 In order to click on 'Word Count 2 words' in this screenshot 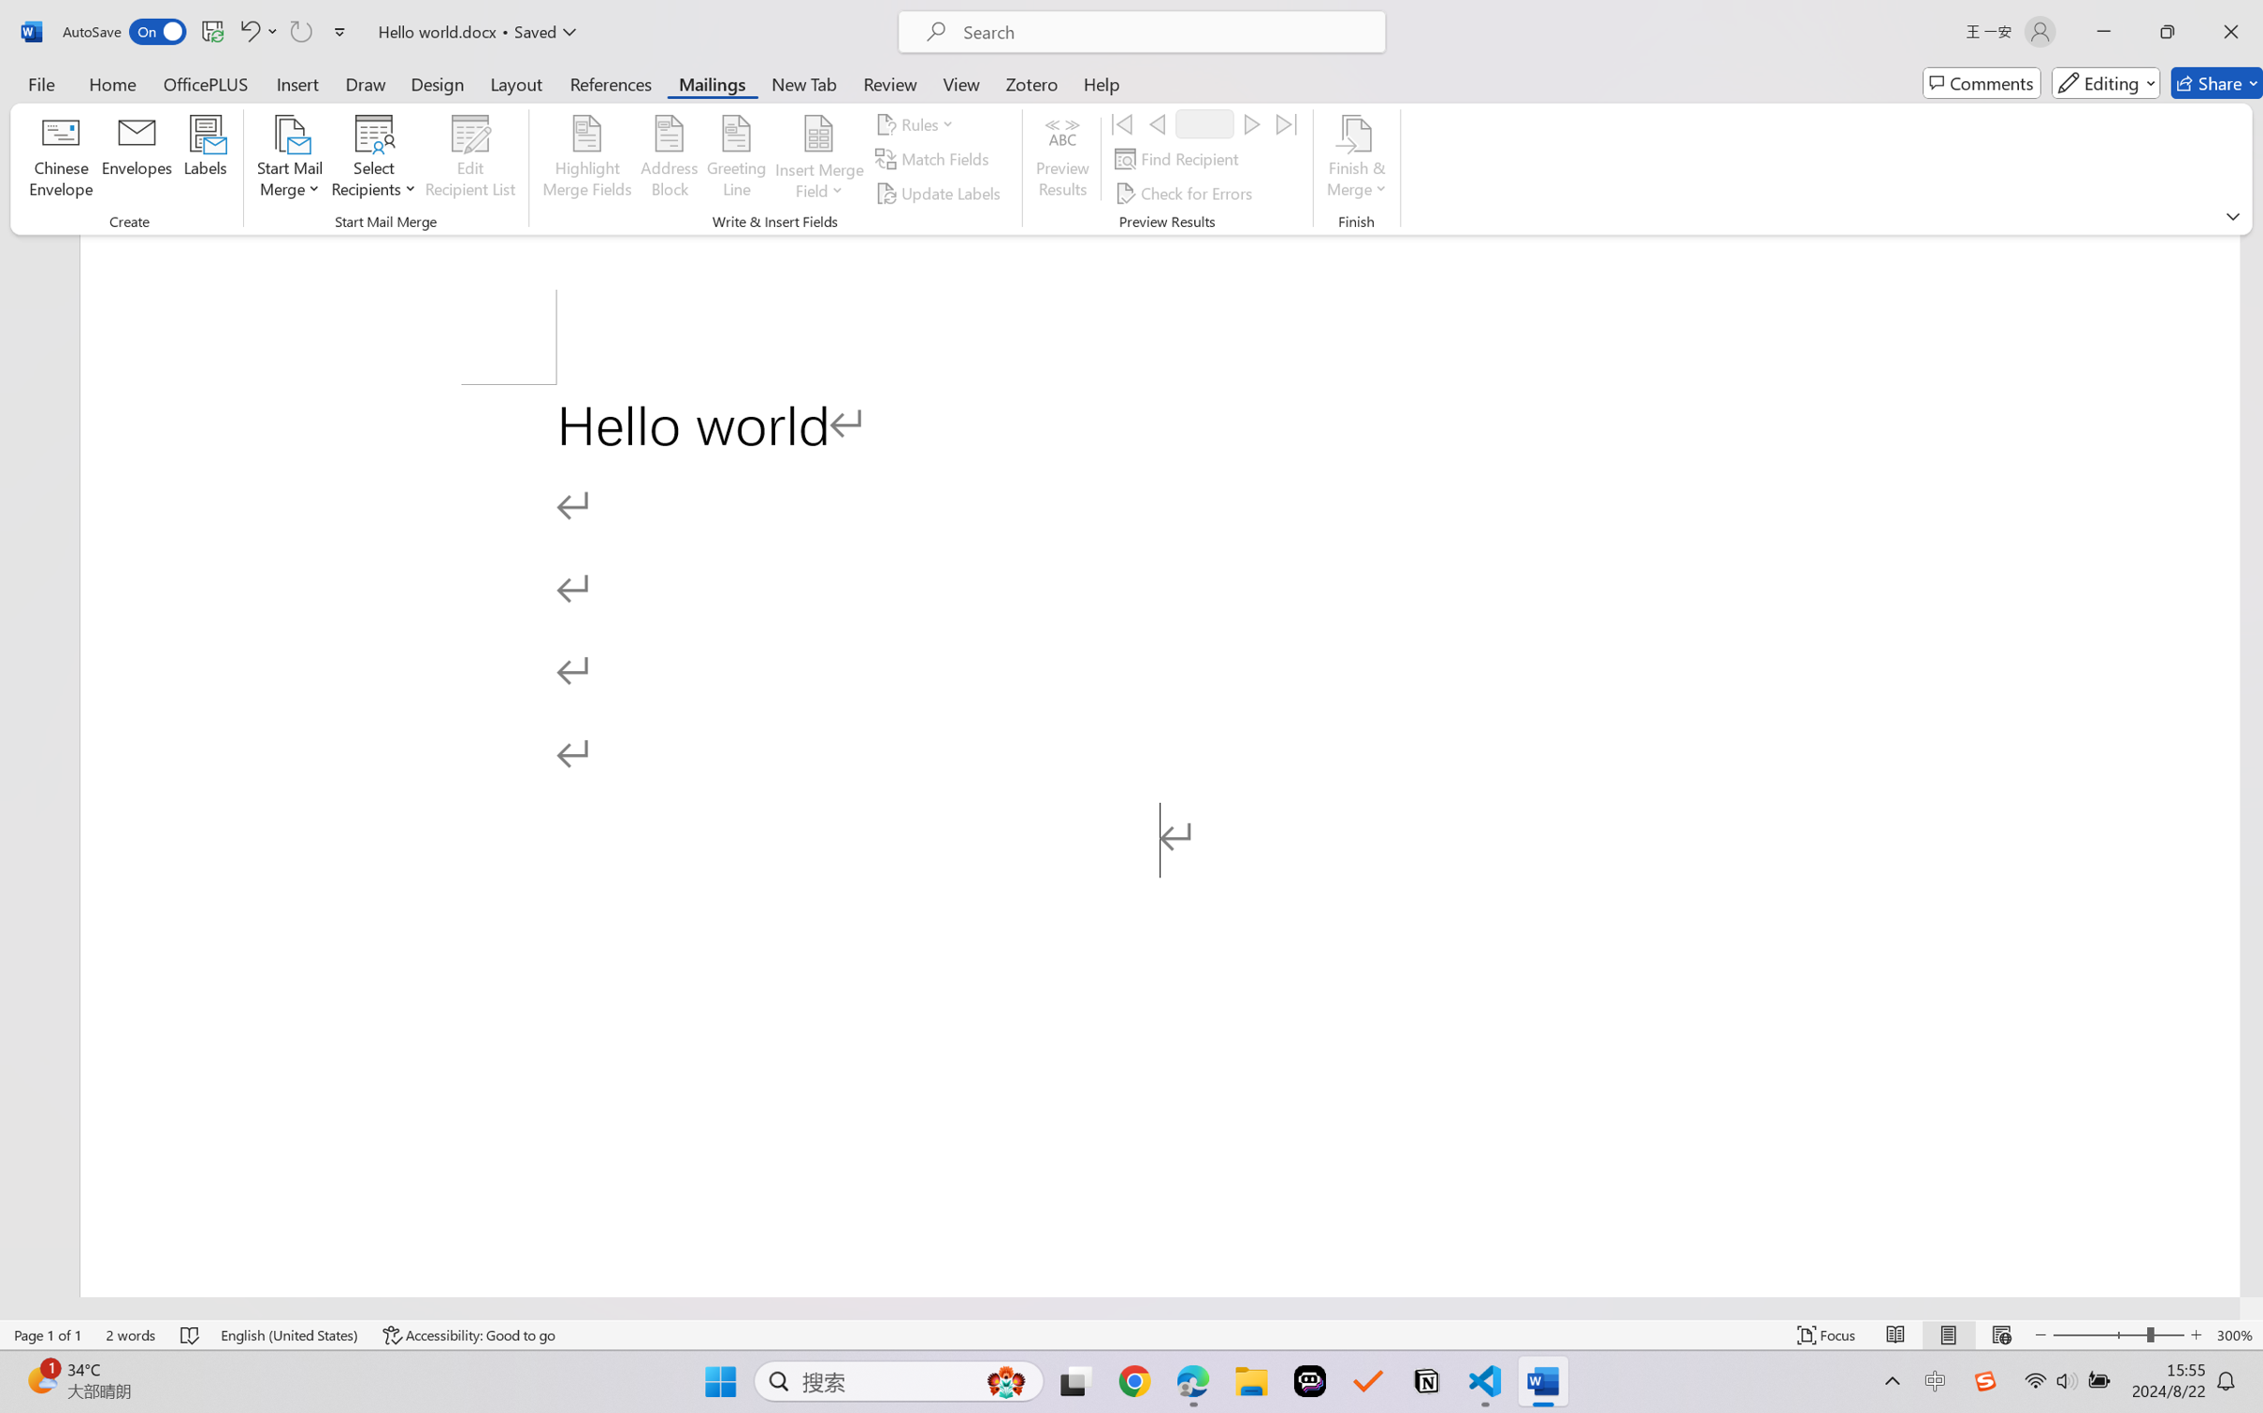, I will do `click(131, 1334)`.